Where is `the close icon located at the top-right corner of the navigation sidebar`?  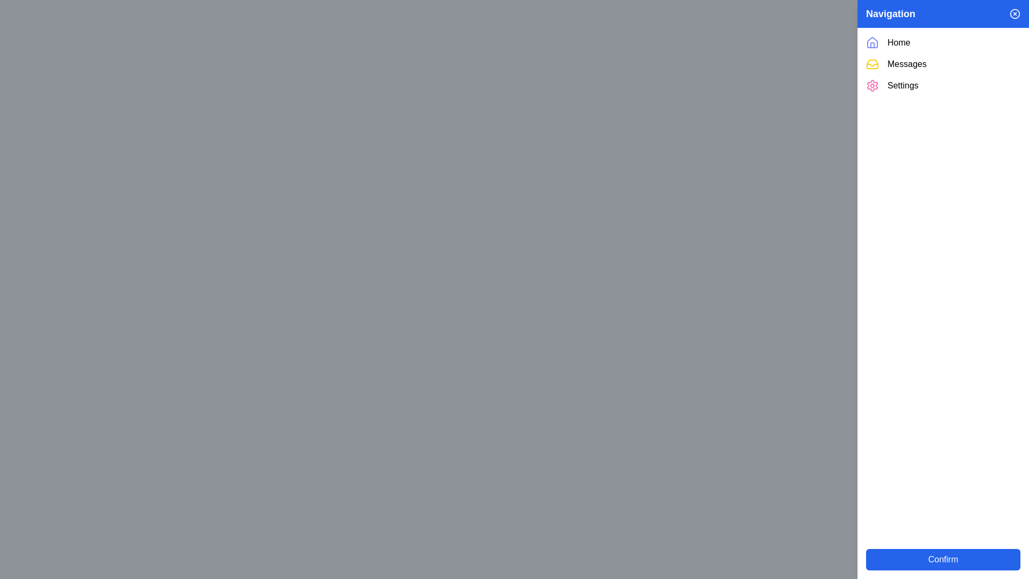
the close icon located at the top-right corner of the navigation sidebar is located at coordinates (1015, 14).